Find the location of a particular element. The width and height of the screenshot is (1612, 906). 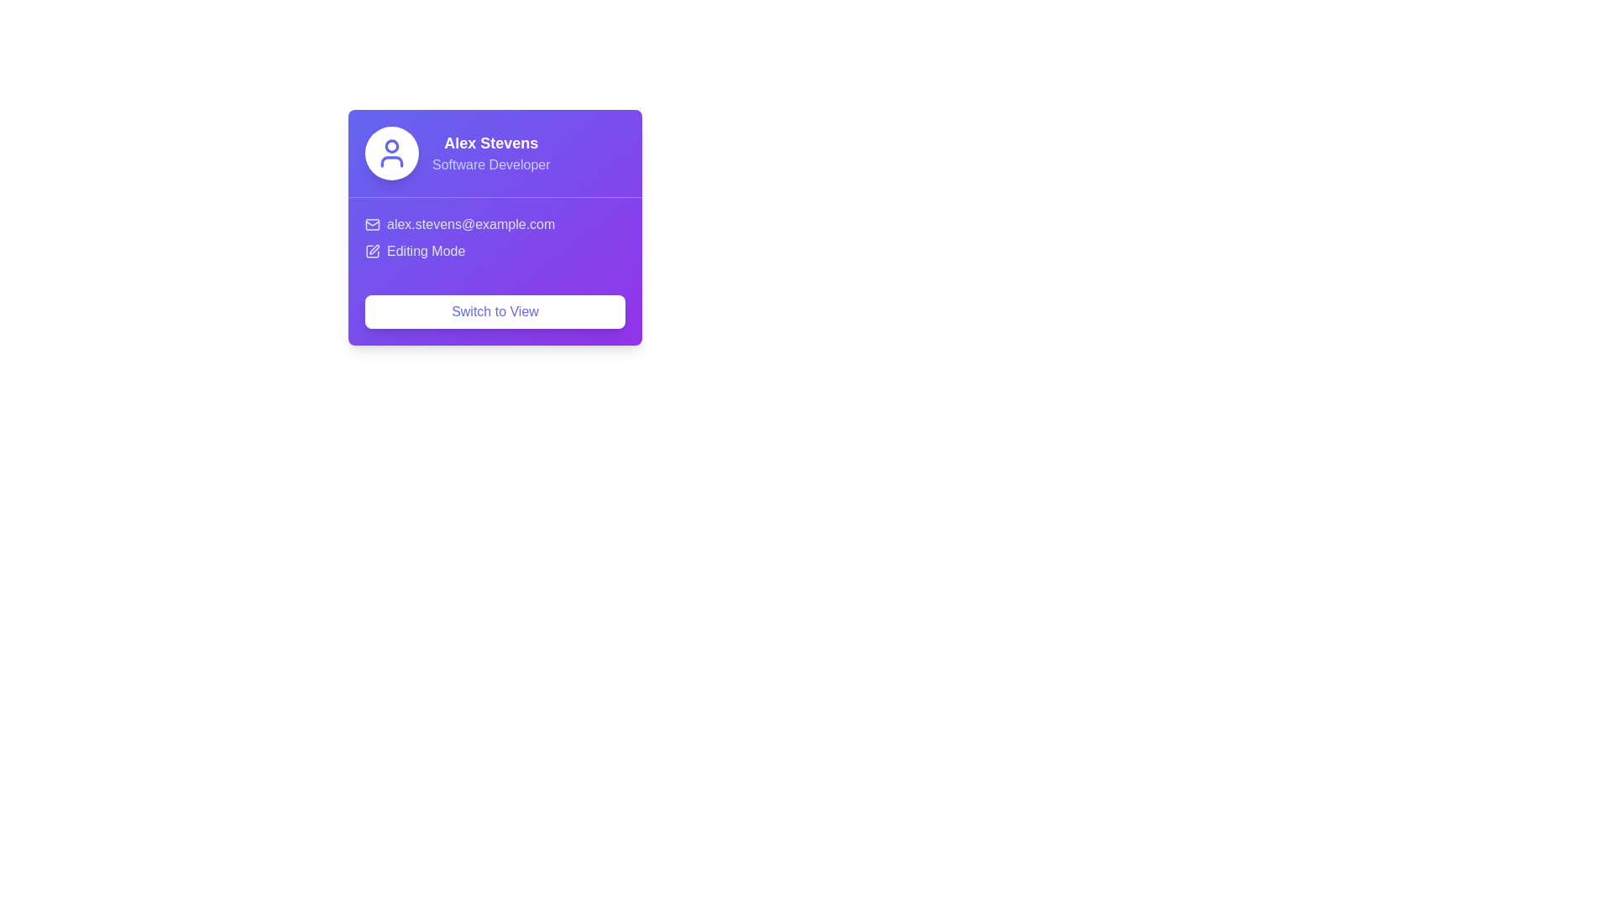

the decorative graphic rectangle in the envelope icon next to the email address in the user profile card is located at coordinates (372, 223).